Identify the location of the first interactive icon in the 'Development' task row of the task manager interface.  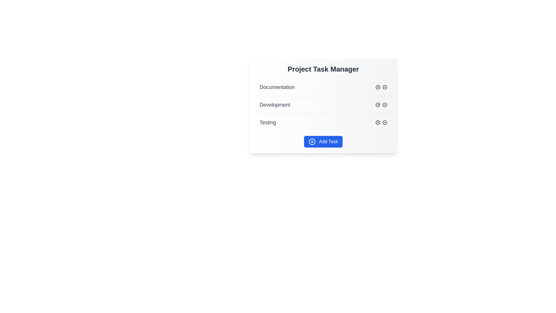
(378, 105).